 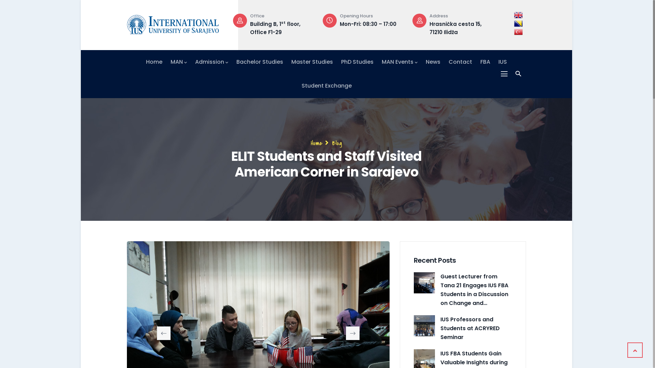 I want to click on 'Admission', so click(x=211, y=62).